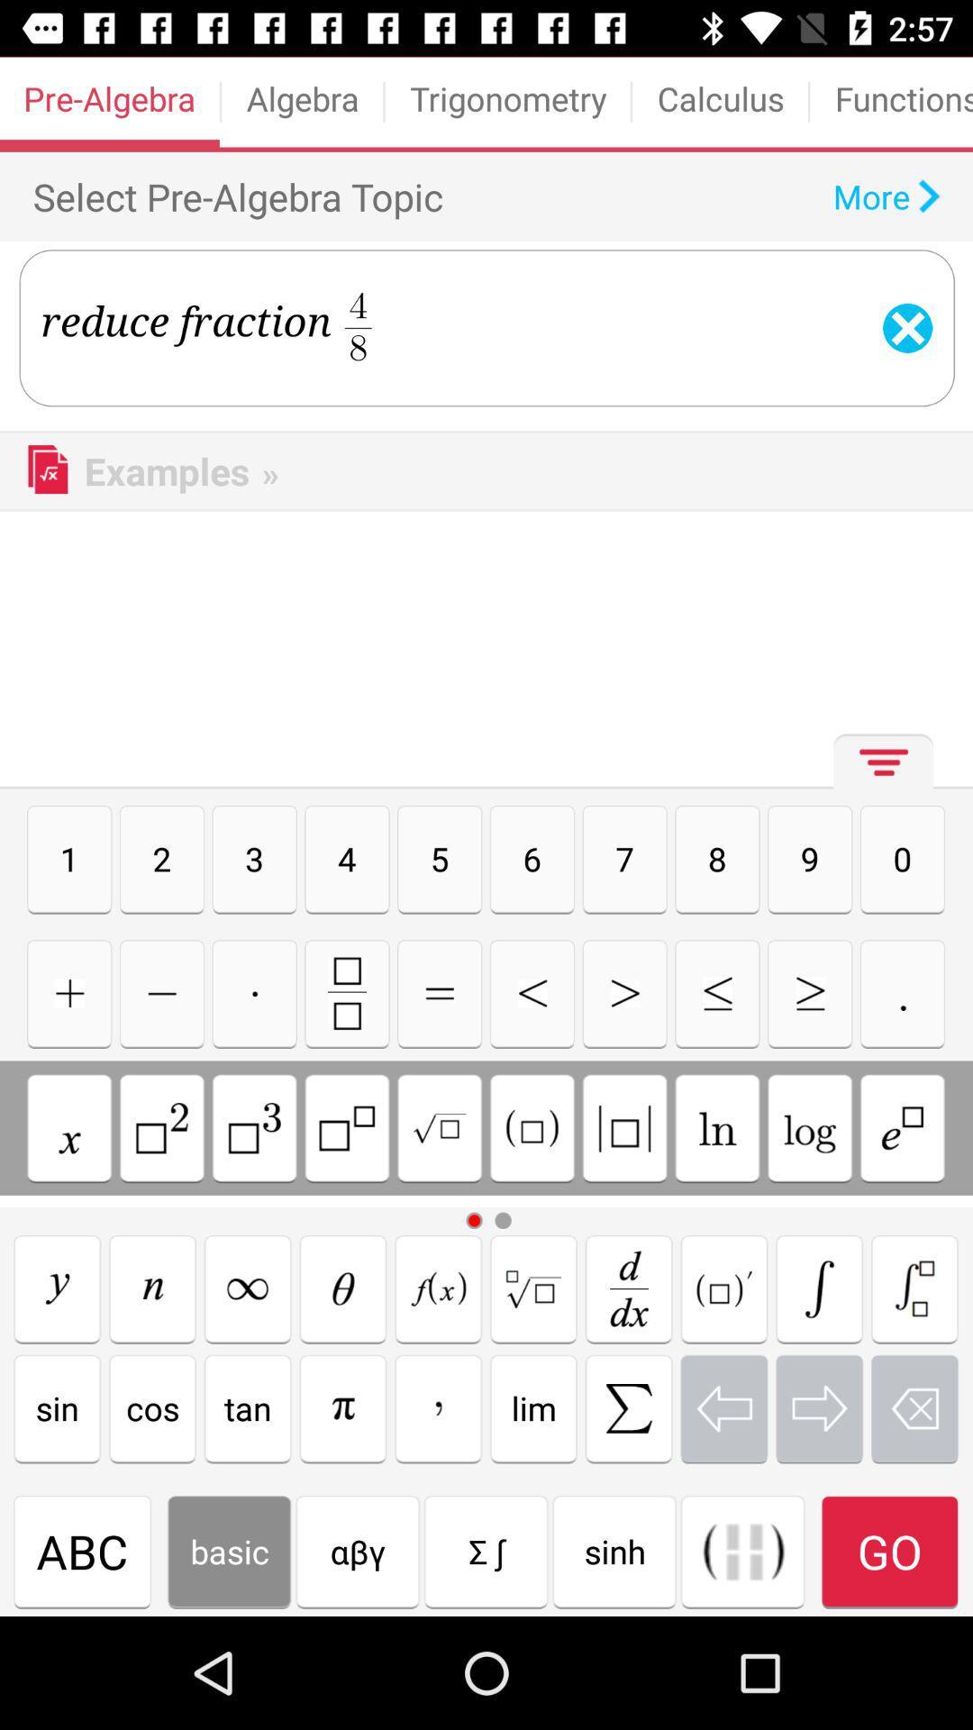 The image size is (973, 1730). Describe the element at coordinates (809, 992) in the screenshot. I see `greater than` at that location.